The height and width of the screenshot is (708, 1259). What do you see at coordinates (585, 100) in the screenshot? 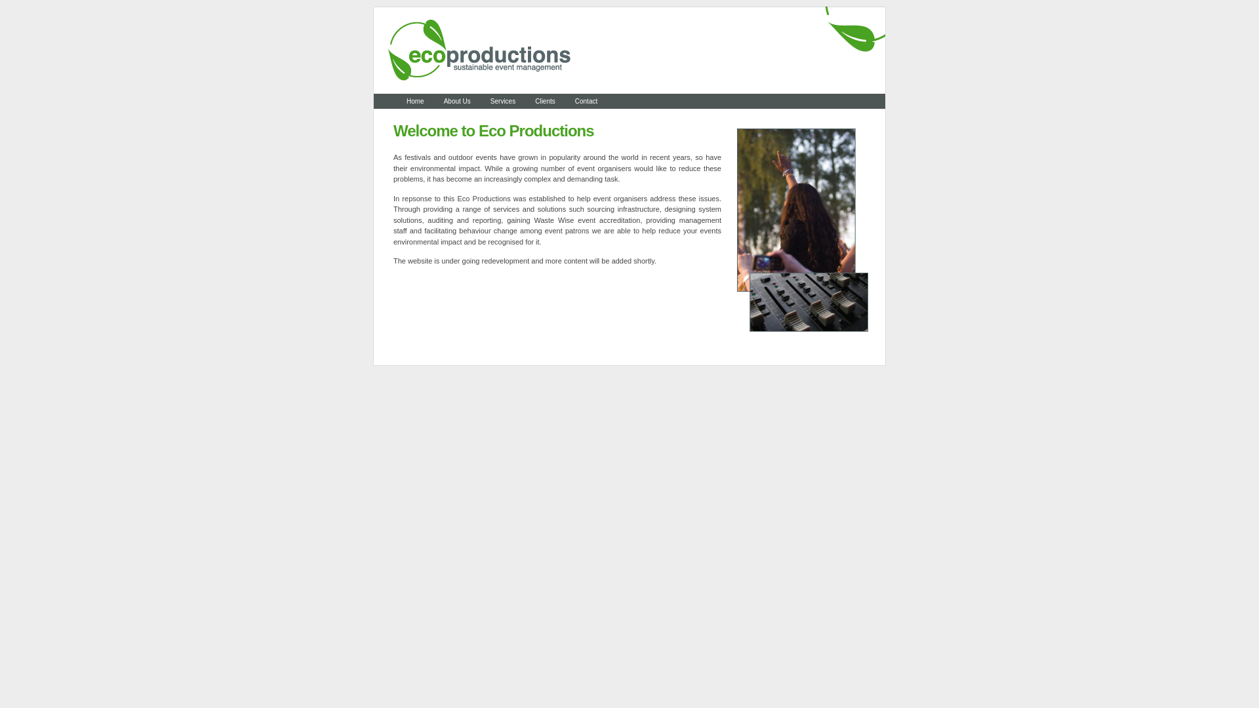
I see `'Contact'` at bounding box center [585, 100].